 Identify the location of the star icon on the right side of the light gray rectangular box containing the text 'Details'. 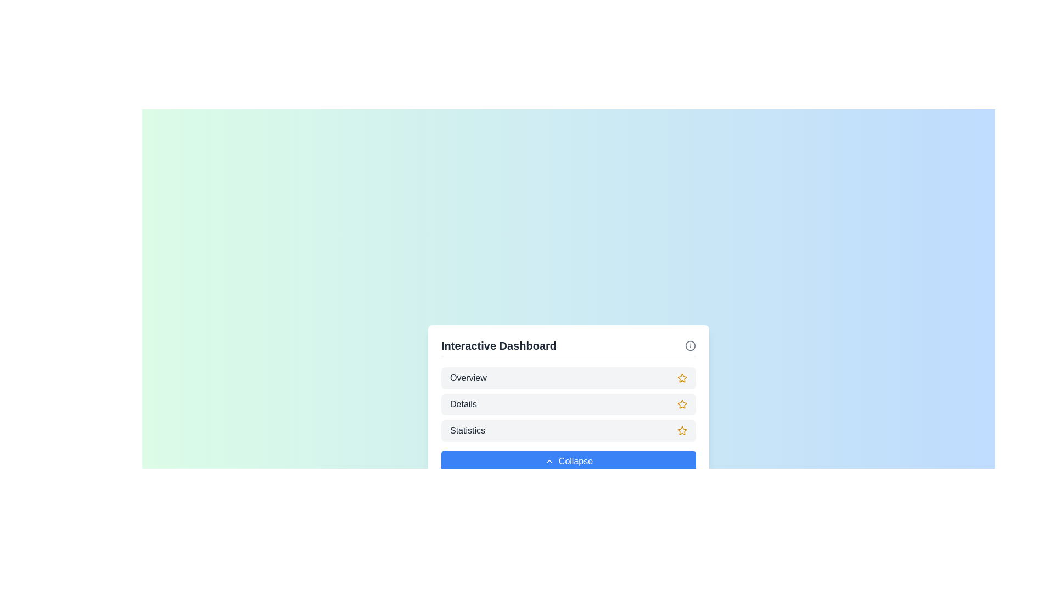
(682, 404).